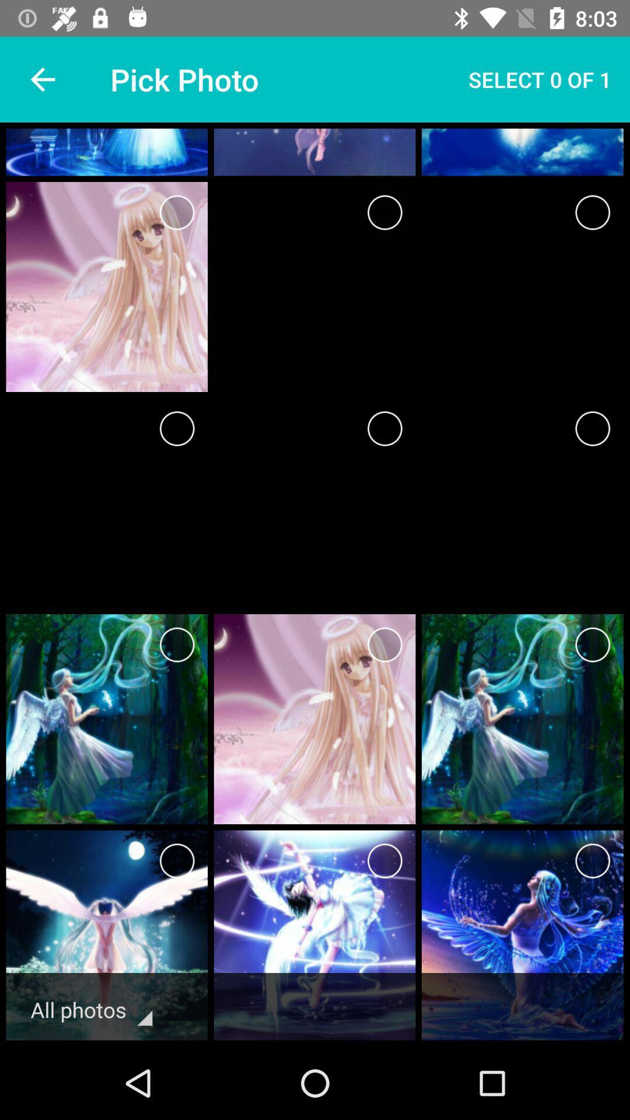 The width and height of the screenshot is (630, 1120). I want to click on choose a picture, so click(384, 212).